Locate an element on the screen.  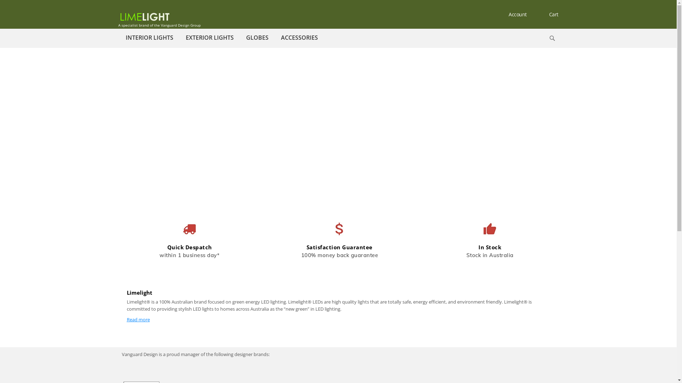
'Read more' is located at coordinates (138, 320).